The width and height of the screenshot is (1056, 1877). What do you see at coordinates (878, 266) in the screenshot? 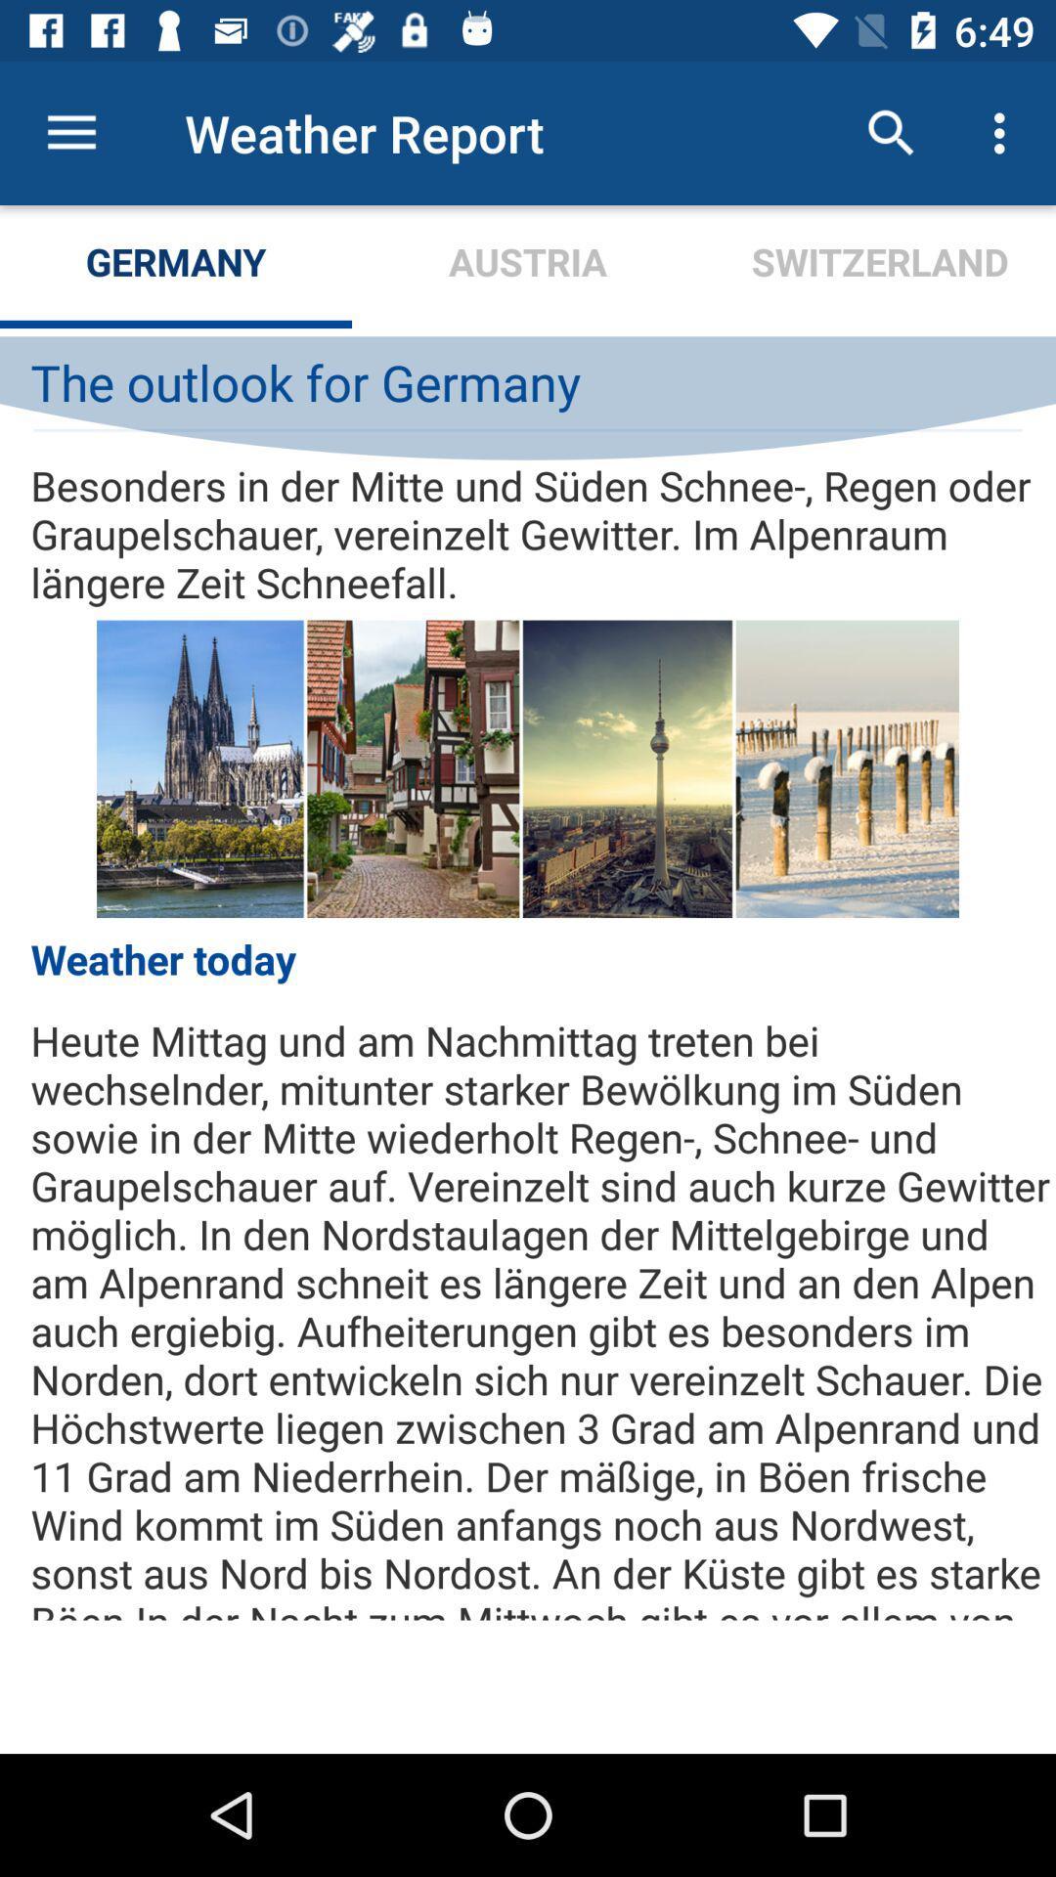
I see `the switzerland` at bounding box center [878, 266].